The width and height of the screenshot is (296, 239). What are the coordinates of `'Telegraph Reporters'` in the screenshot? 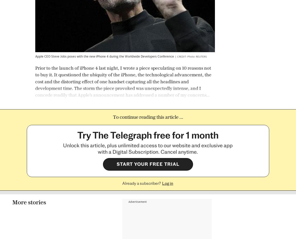 It's located at (155, 170).